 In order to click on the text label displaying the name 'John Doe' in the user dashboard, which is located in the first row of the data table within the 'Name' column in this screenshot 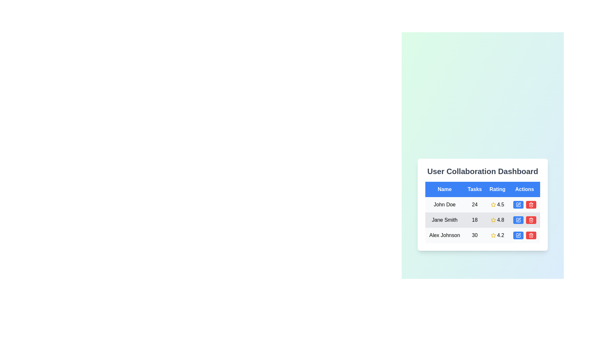, I will do `click(444, 204)`.